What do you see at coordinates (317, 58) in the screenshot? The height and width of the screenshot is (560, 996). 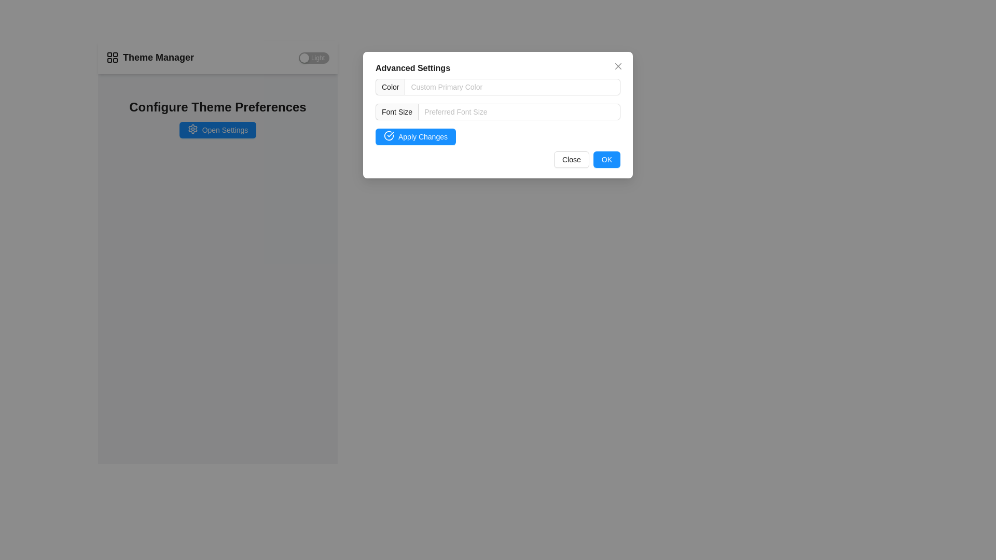 I see `the text label displaying 'Light', which indicates the inactive state of the toggle switch in the Theme Manager header section` at bounding box center [317, 58].